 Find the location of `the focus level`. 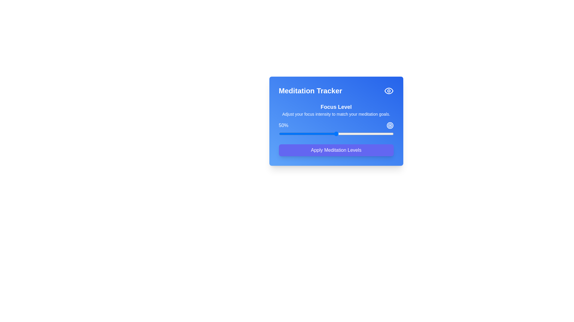

the focus level is located at coordinates (369, 133).